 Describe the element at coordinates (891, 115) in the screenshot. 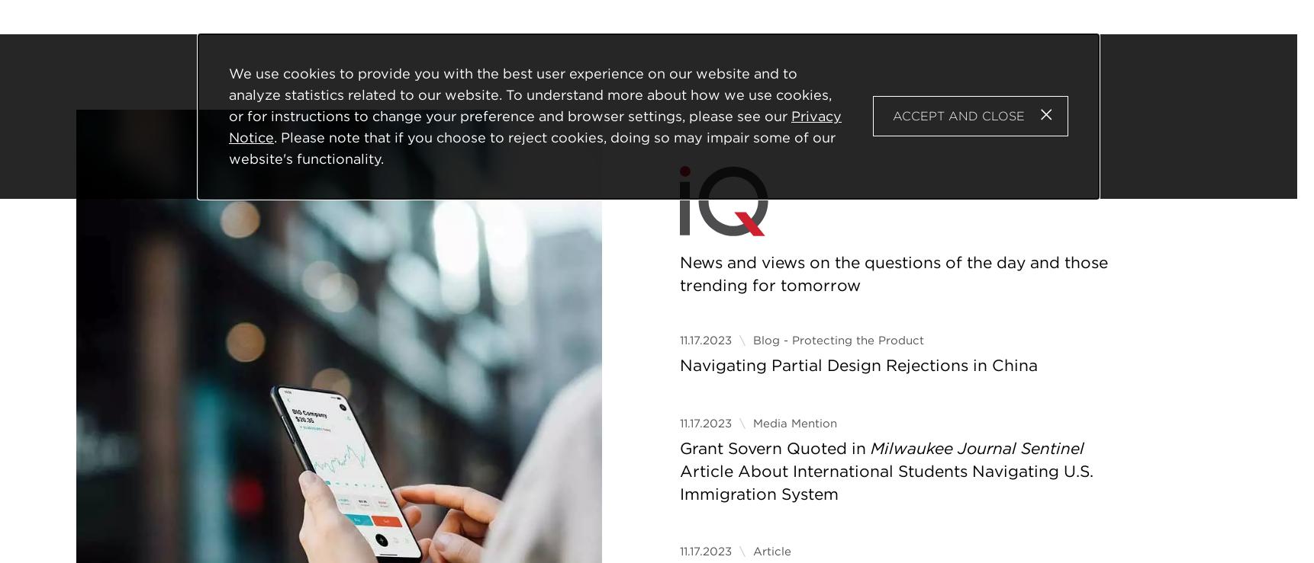

I see `'Accept and Close'` at that location.